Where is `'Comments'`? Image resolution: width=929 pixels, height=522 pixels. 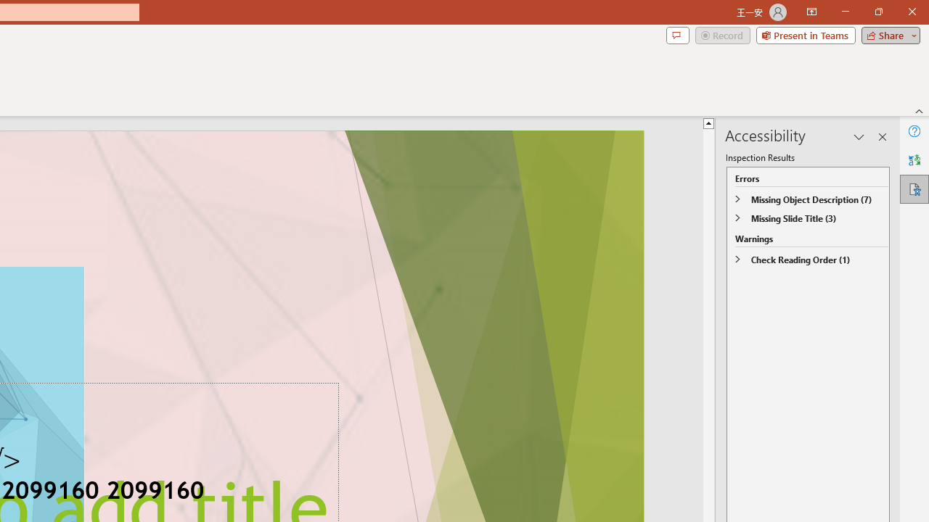
'Comments' is located at coordinates (676, 34).